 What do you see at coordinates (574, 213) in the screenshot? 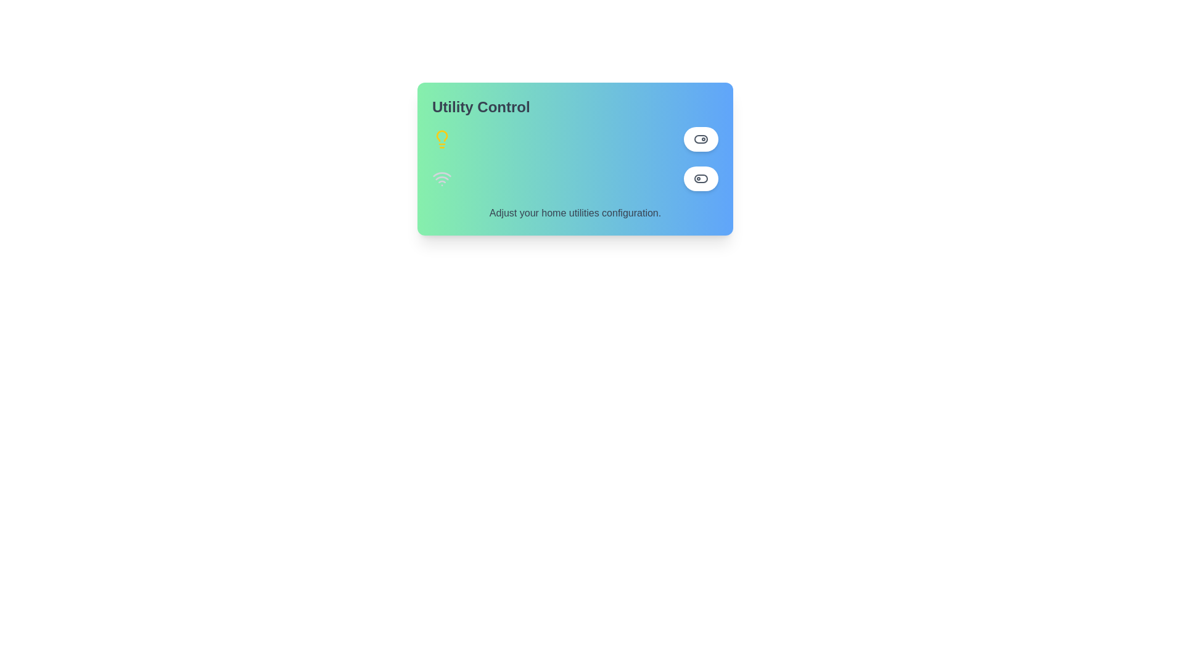
I see `text label displaying 'Adjust your home utilities configuration.' which is centrally positioned at the bottom of the gradient background panel` at bounding box center [574, 213].